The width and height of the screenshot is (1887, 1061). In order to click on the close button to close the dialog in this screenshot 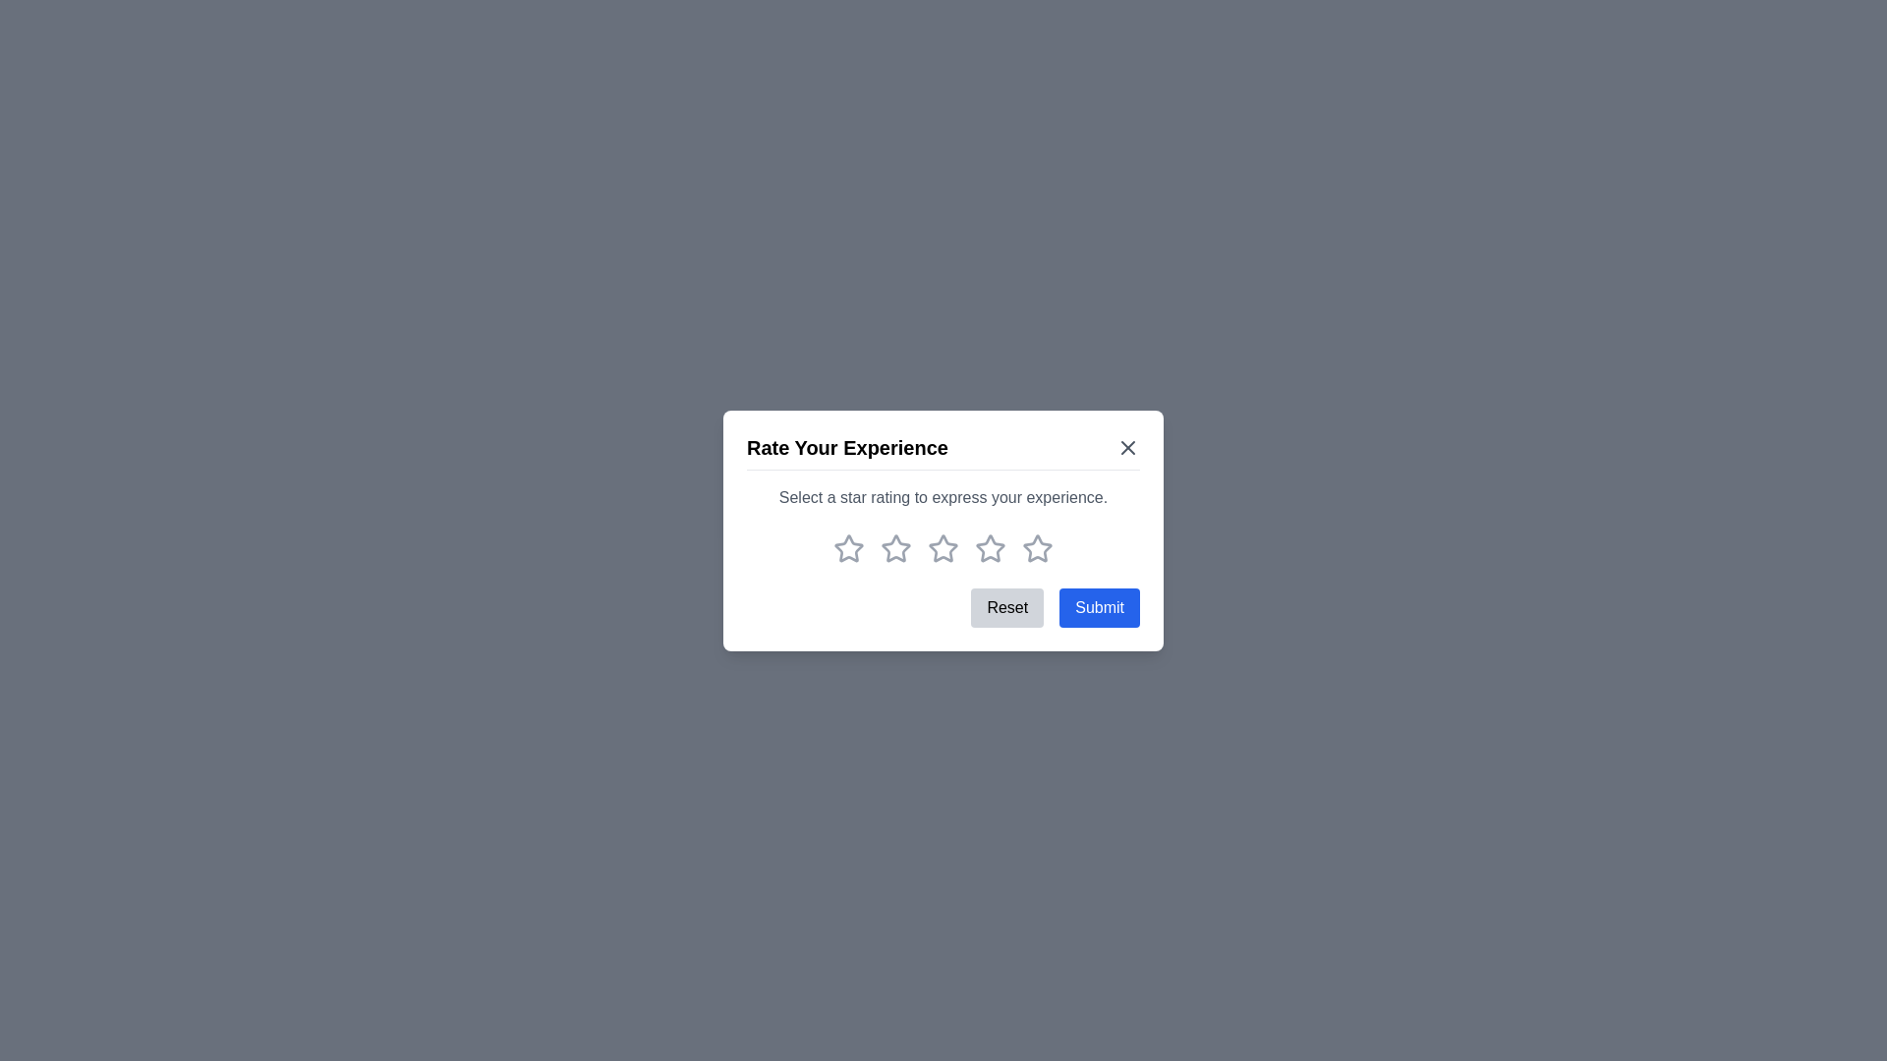, I will do `click(1127, 447)`.